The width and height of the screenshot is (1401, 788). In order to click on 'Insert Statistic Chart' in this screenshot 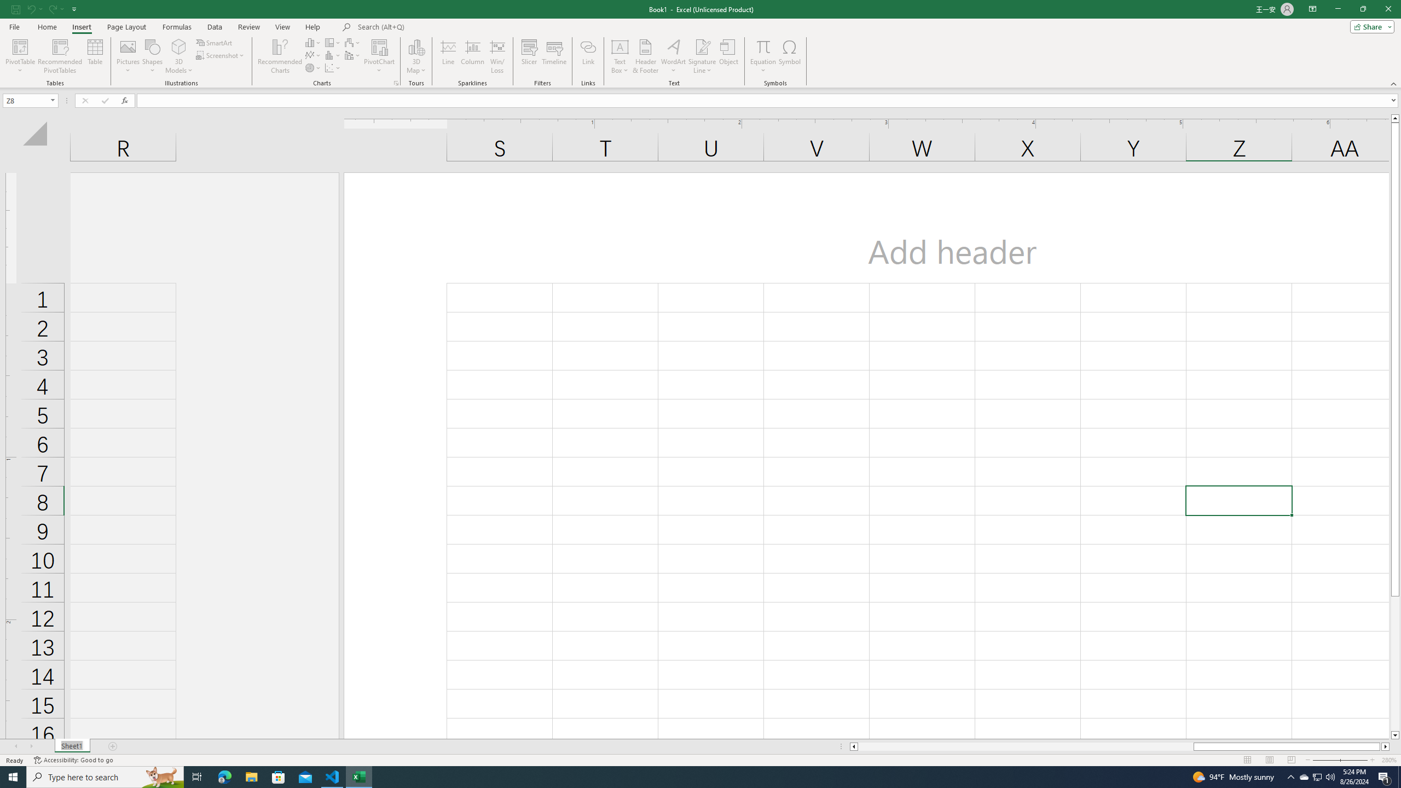, I will do `click(333, 54)`.